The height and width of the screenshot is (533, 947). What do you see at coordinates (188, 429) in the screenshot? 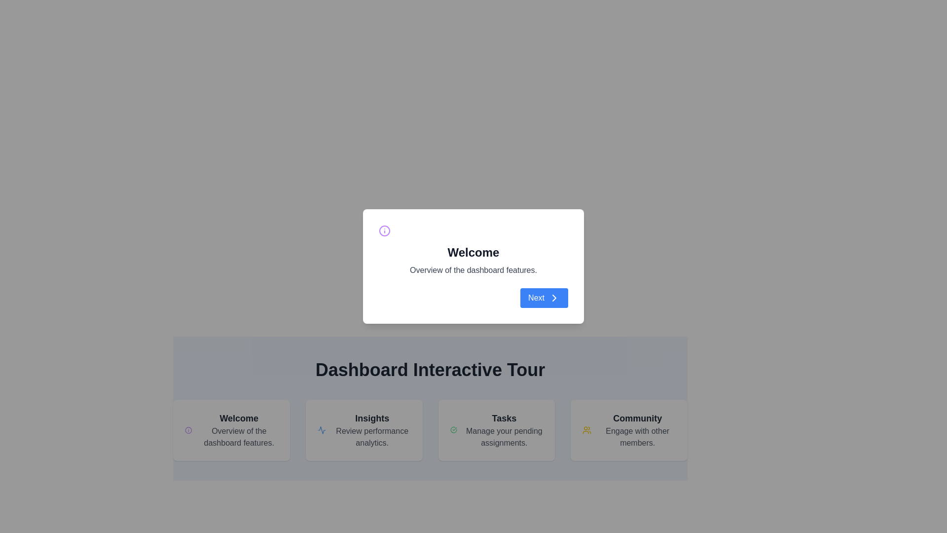
I see `purple circular icon containing an information symbol located to the left of the 'Welcome' title in the bottom-left panel of the lower card` at bounding box center [188, 429].